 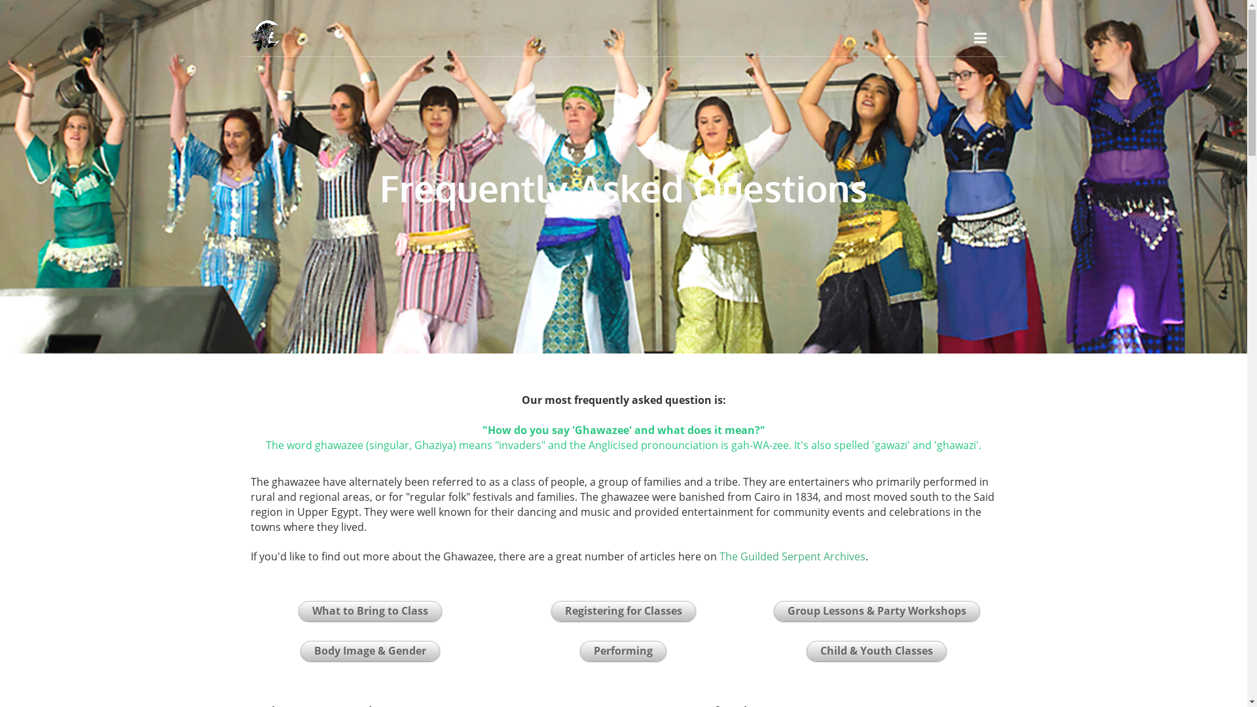 What do you see at coordinates (369, 611) in the screenshot?
I see `'What to Bring to Class'` at bounding box center [369, 611].